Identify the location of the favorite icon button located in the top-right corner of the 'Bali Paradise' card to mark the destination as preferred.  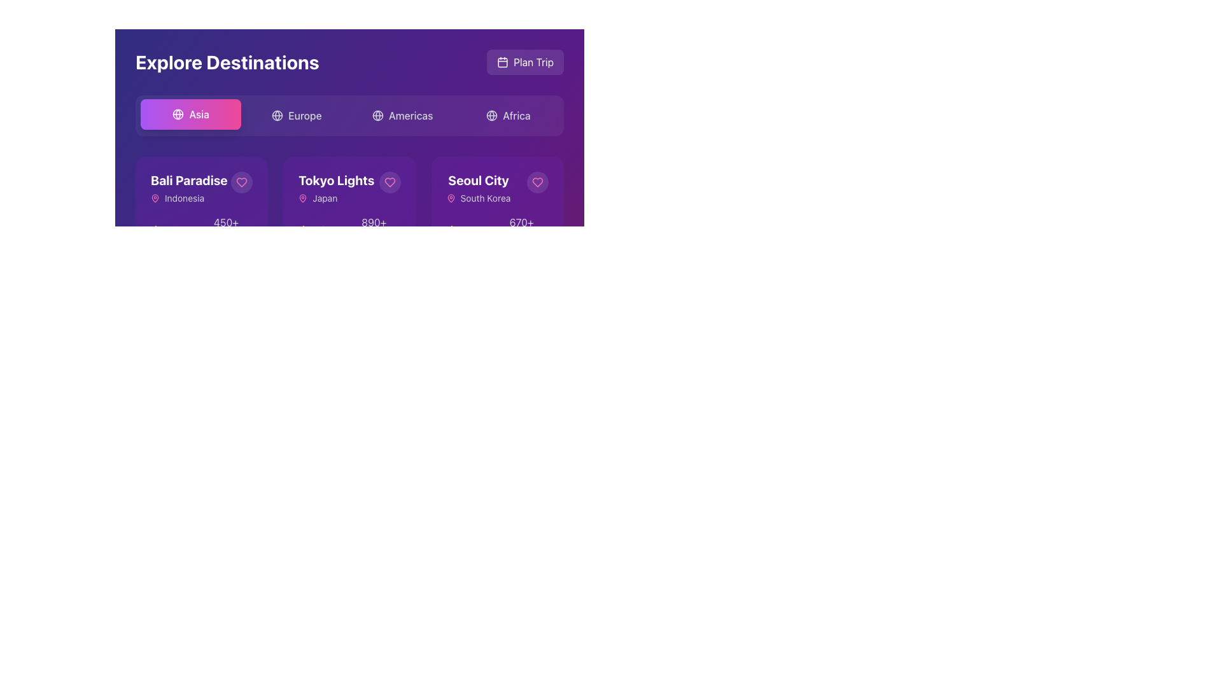
(242, 182).